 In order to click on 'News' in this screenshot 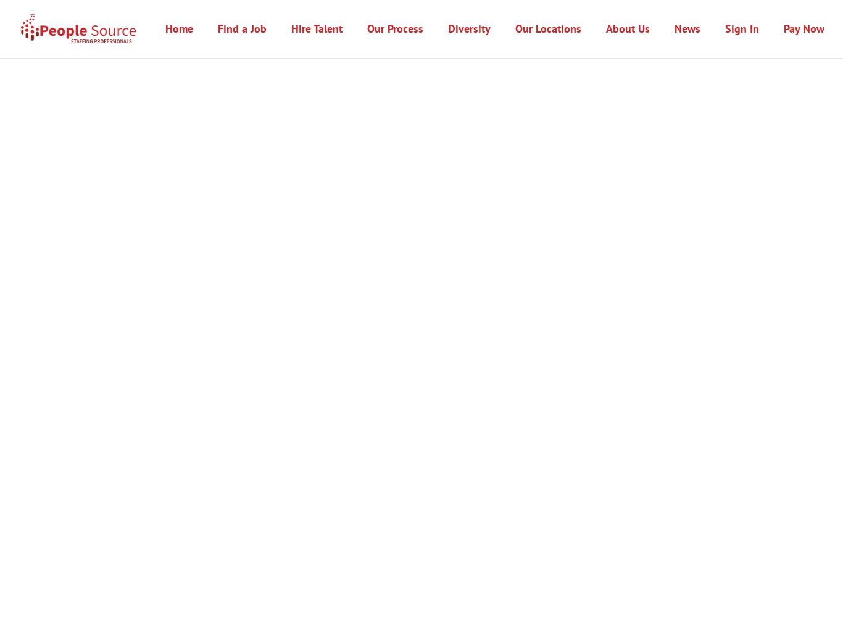, I will do `click(686, 28)`.